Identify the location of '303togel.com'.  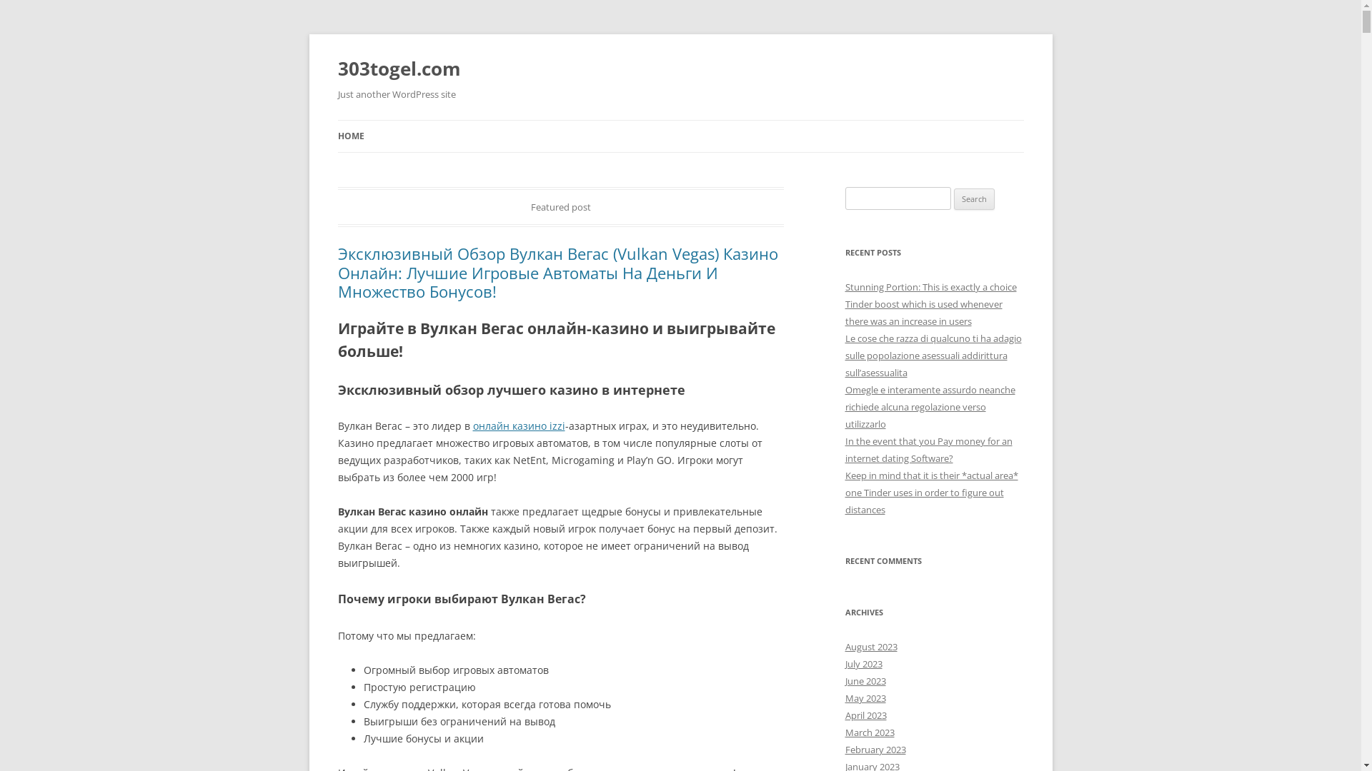
(336, 69).